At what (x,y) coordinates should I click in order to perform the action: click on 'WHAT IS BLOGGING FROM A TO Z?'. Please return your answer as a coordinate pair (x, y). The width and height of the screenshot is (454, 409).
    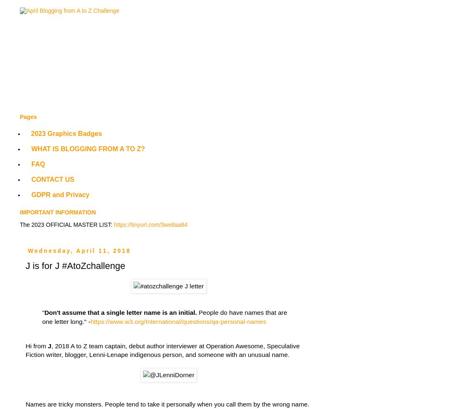
    Looking at the image, I should click on (31, 148).